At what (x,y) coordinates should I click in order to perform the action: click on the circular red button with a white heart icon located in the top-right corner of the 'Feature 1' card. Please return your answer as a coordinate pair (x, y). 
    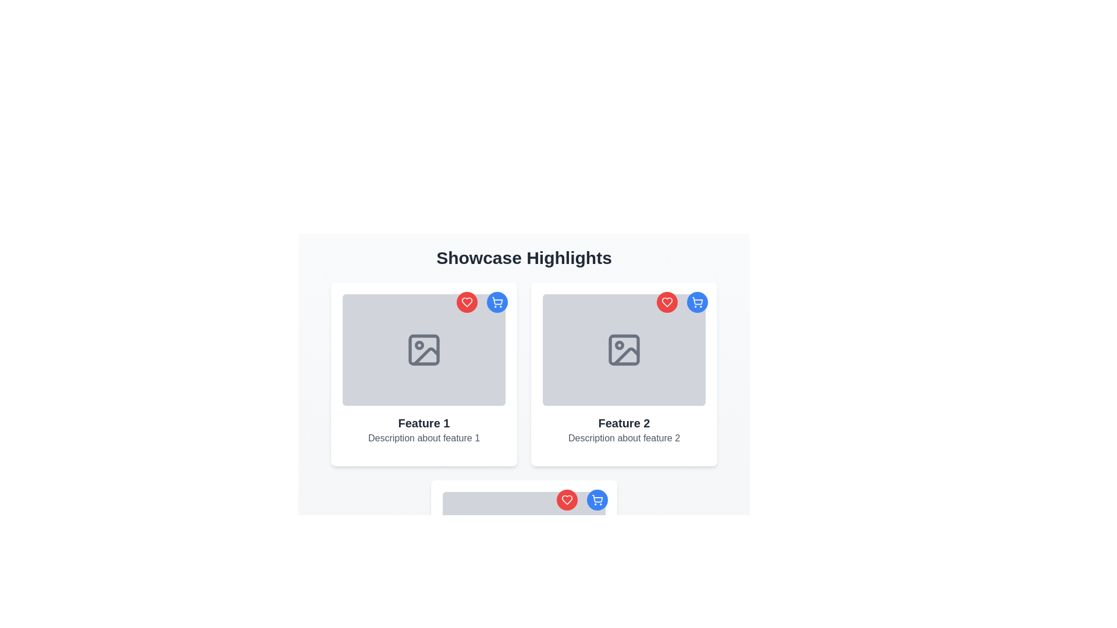
    Looking at the image, I should click on (467, 302).